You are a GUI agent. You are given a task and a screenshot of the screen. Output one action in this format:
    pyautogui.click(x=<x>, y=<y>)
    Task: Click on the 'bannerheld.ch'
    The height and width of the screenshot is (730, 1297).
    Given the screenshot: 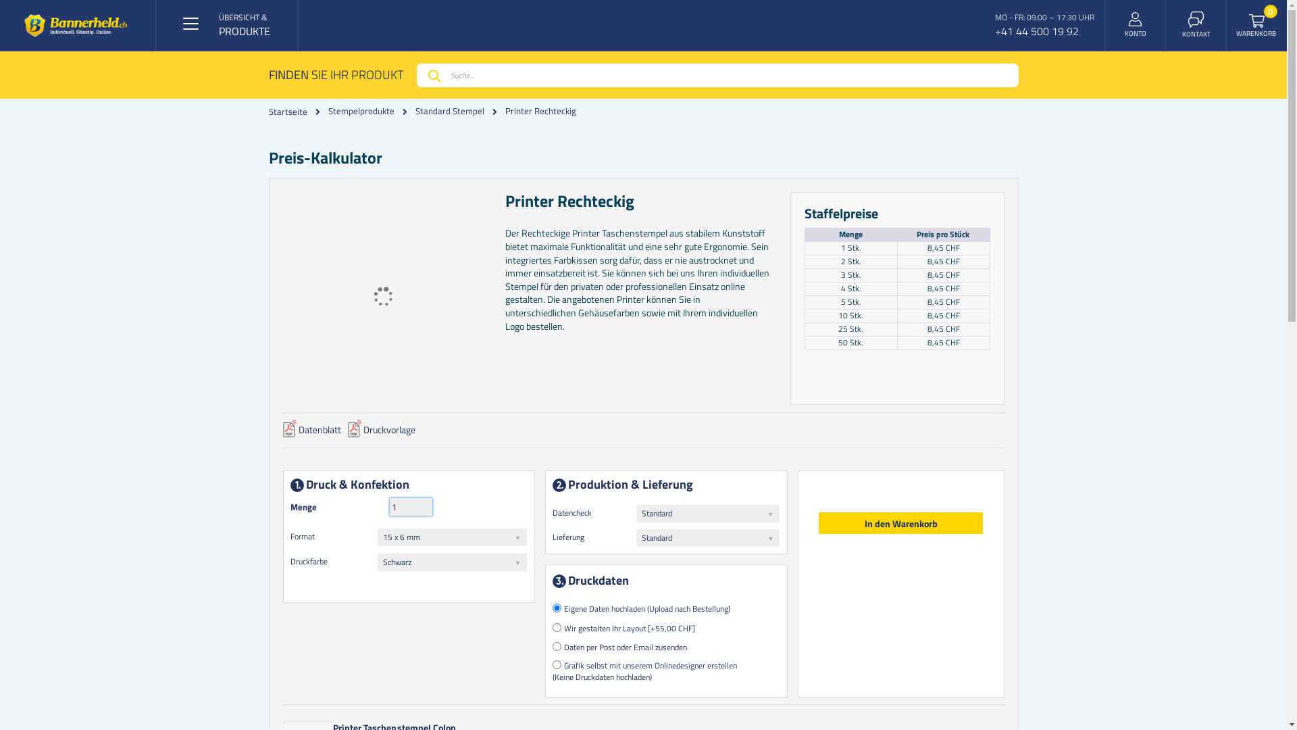 What is the action you would take?
    pyautogui.click(x=75, y=25)
    